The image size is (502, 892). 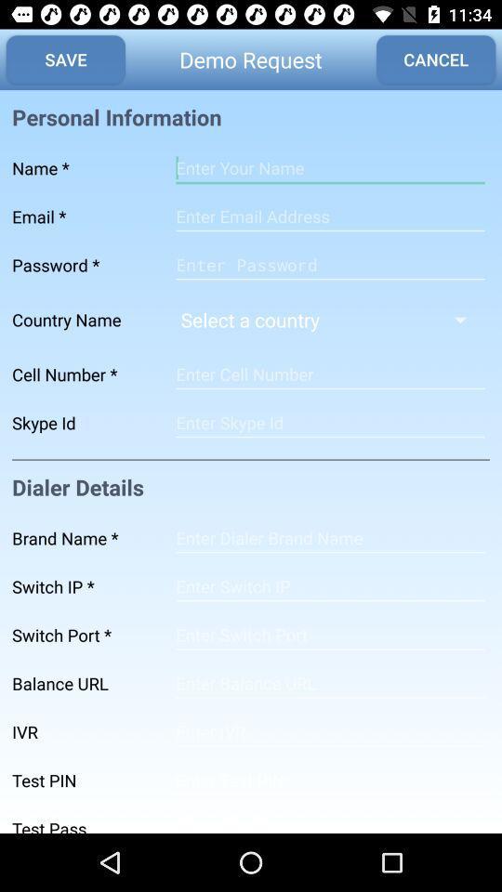 What do you see at coordinates (329, 168) in the screenshot?
I see `name type line` at bounding box center [329, 168].